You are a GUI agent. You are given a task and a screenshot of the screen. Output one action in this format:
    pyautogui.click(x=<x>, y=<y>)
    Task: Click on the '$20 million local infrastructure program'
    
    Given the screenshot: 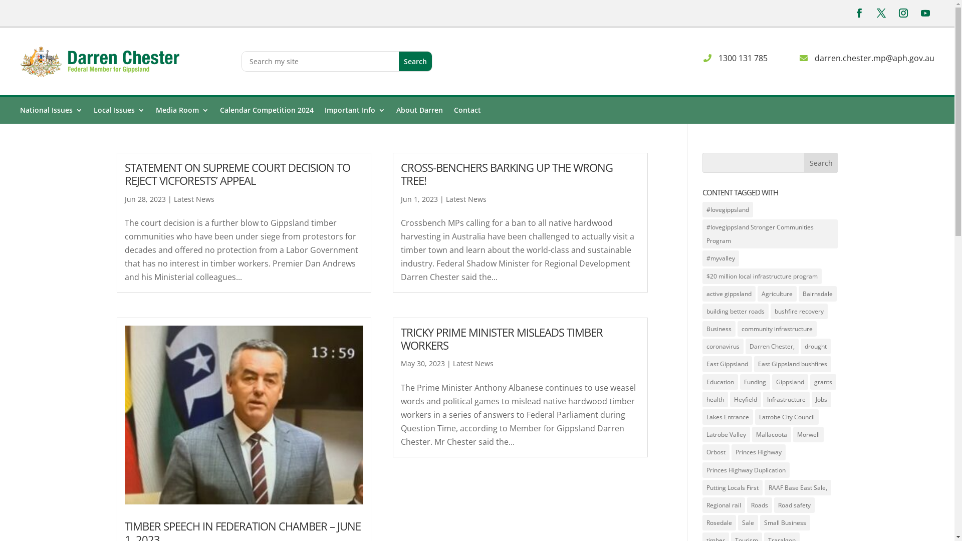 What is the action you would take?
    pyautogui.click(x=762, y=276)
    